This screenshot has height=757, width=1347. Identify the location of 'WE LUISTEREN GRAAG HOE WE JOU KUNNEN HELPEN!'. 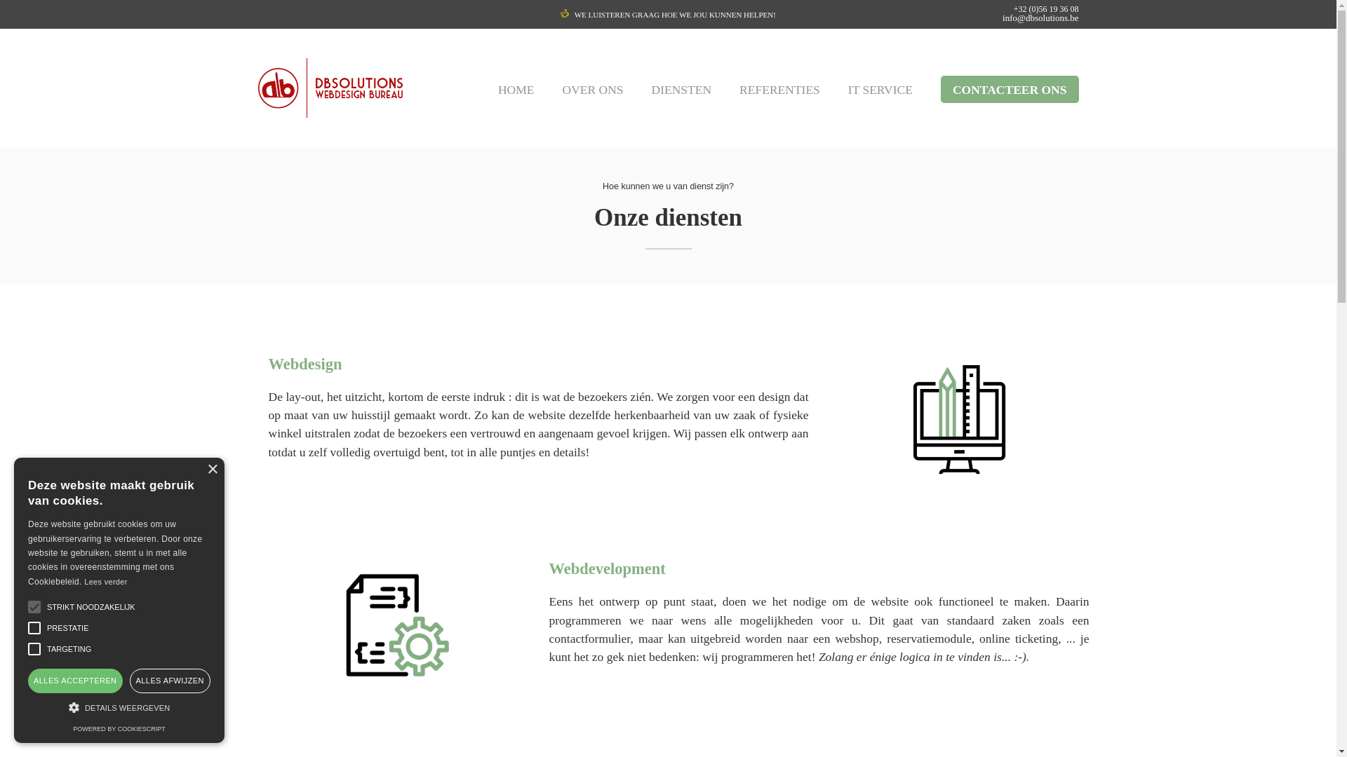
(667, 14).